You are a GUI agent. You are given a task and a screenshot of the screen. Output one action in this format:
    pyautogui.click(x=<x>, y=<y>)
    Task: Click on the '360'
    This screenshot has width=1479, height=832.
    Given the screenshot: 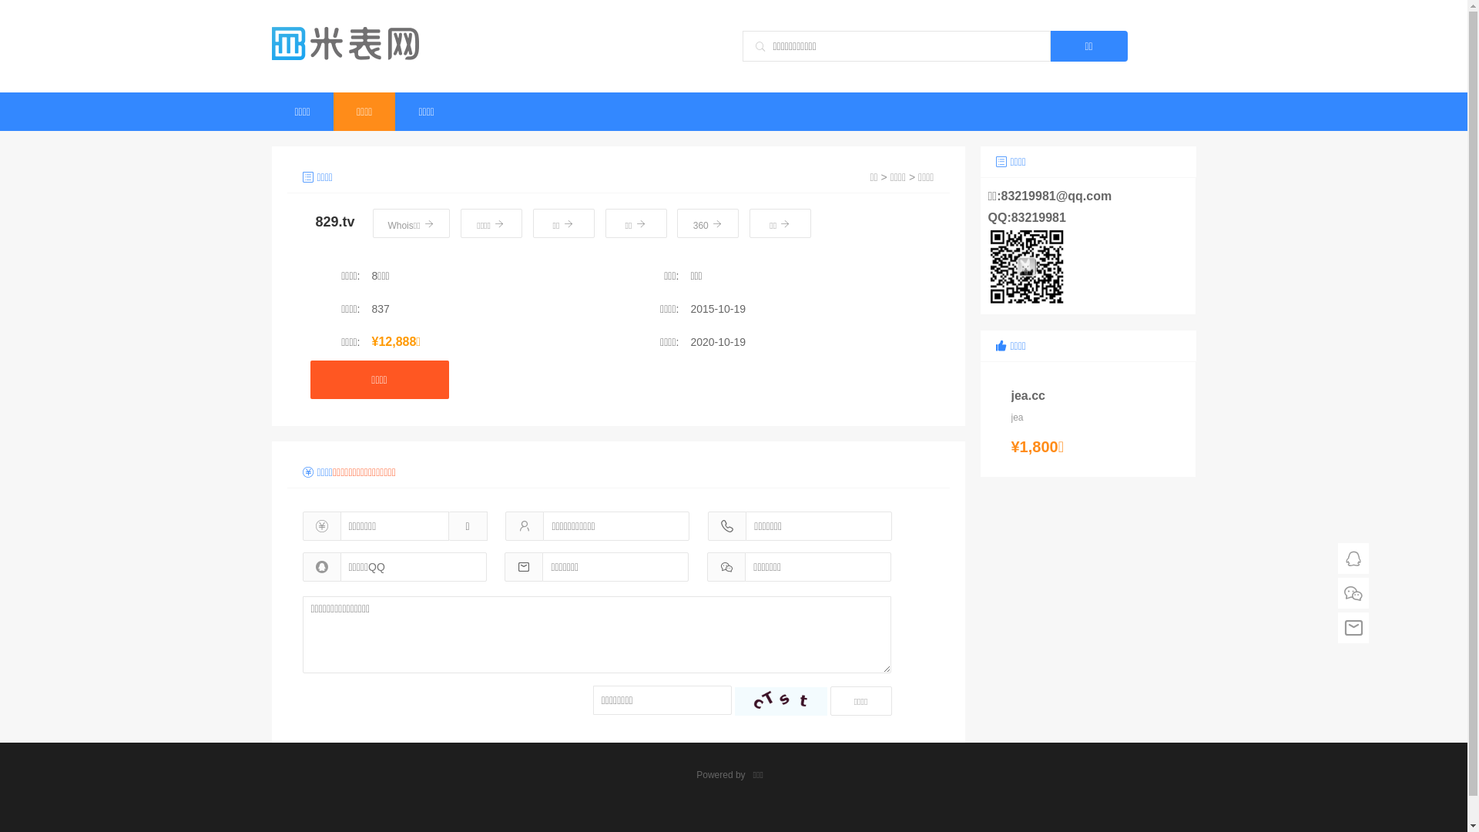 What is the action you would take?
    pyautogui.click(x=706, y=223)
    